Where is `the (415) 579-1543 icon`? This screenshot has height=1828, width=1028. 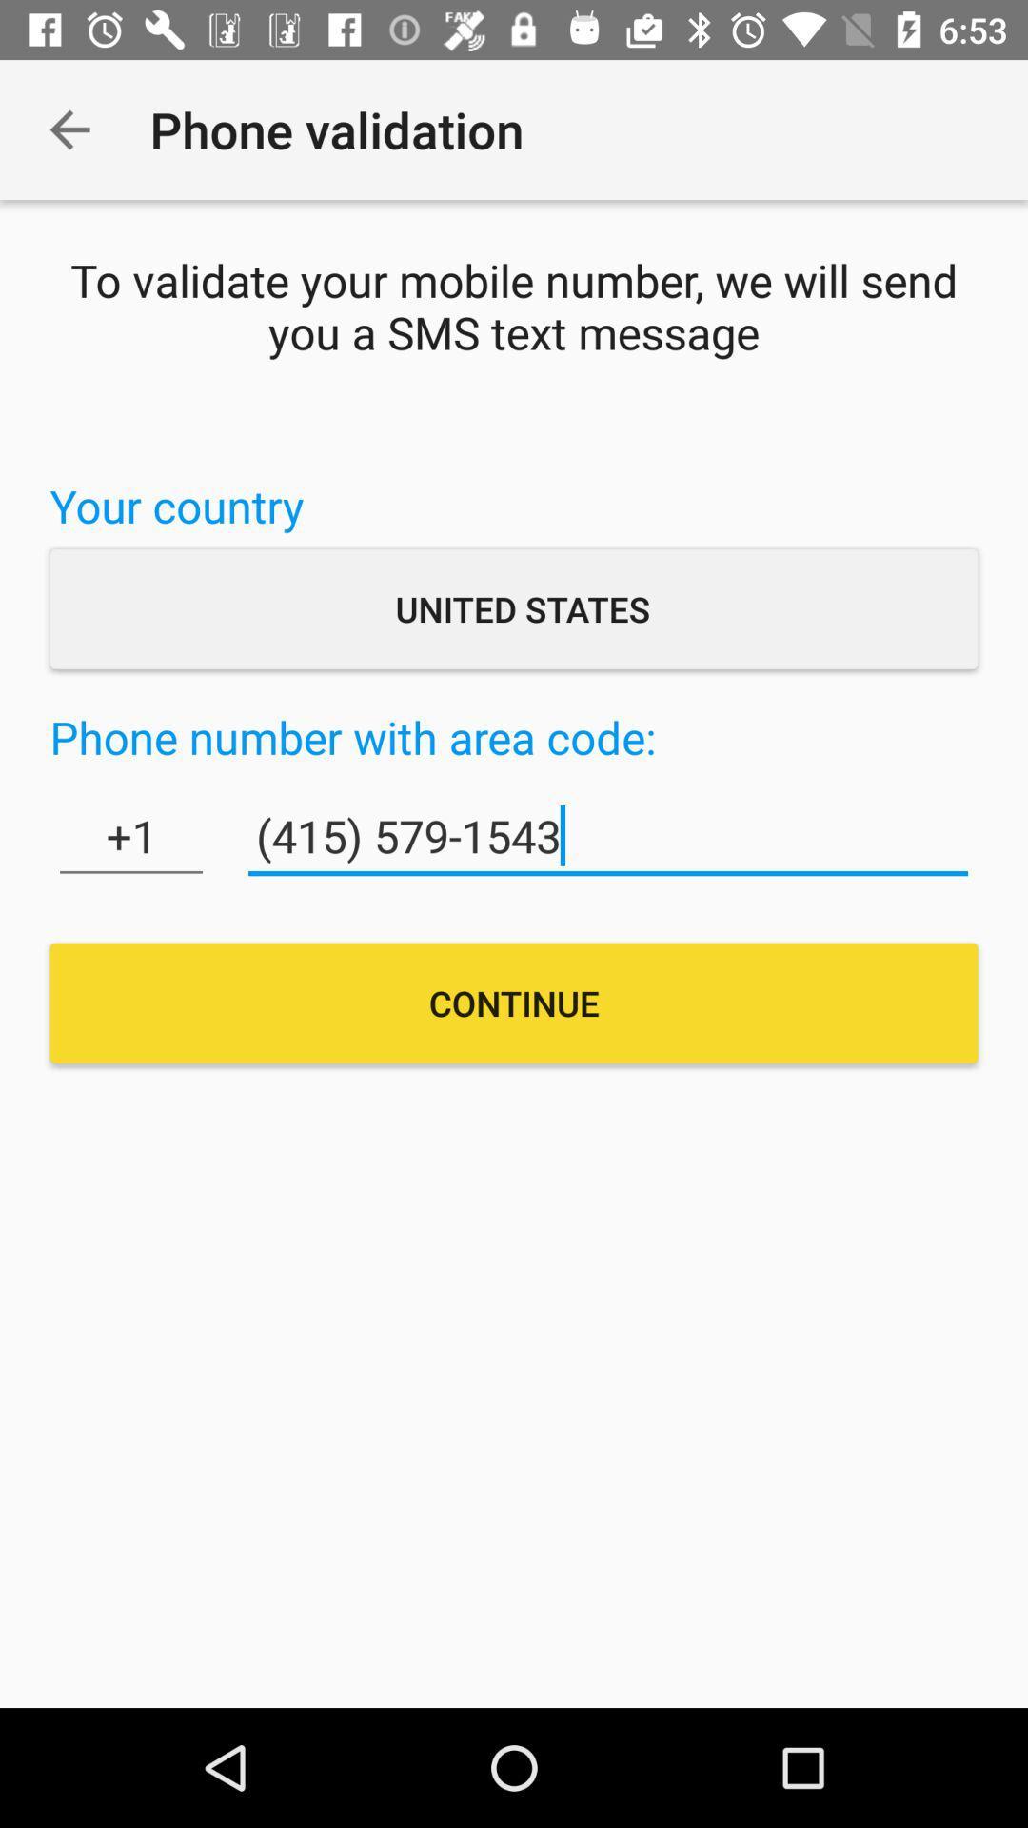 the (415) 579-1543 icon is located at coordinates (608, 836).